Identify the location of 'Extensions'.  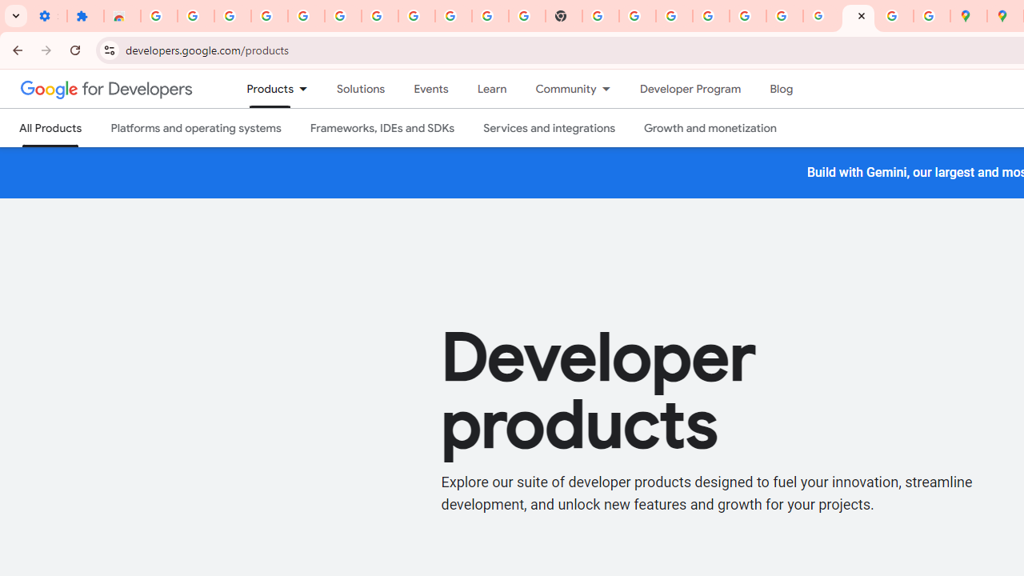
(85, 16).